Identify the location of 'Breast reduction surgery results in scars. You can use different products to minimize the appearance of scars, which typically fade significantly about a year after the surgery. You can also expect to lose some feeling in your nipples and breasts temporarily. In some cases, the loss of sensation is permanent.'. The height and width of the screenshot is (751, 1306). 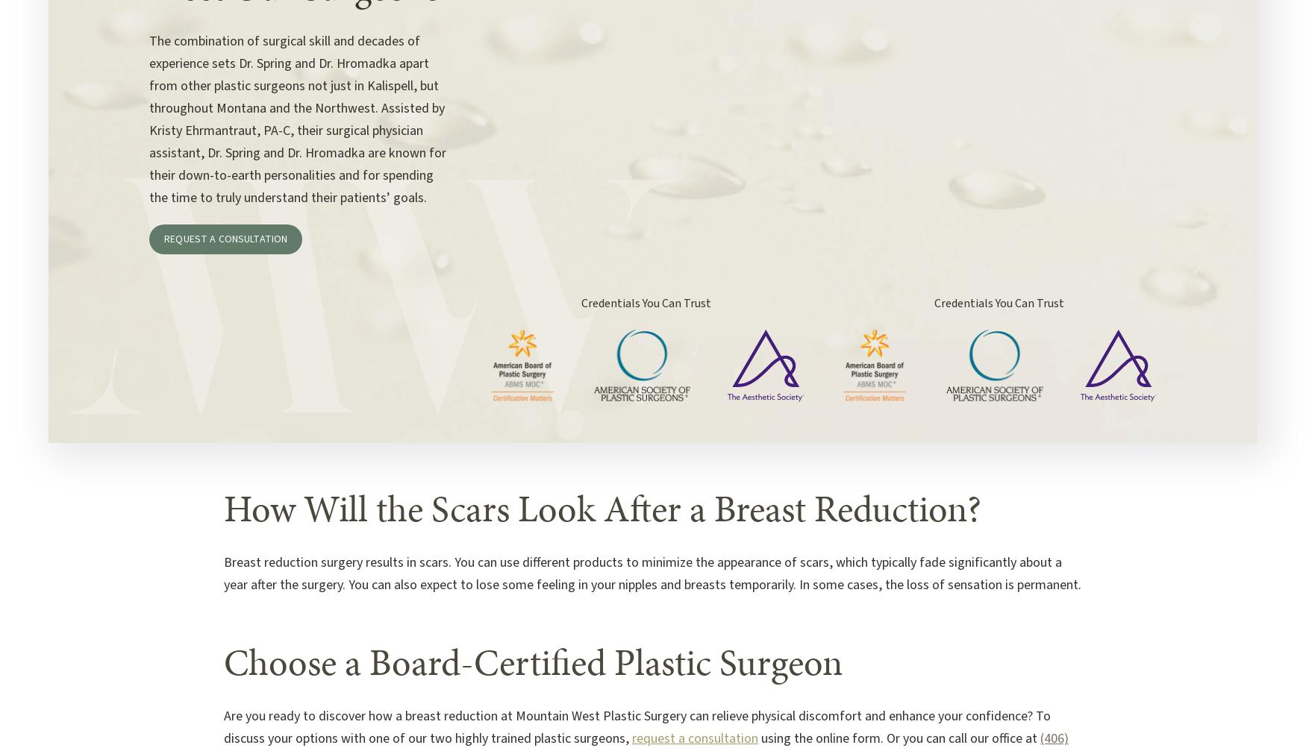
(652, 572).